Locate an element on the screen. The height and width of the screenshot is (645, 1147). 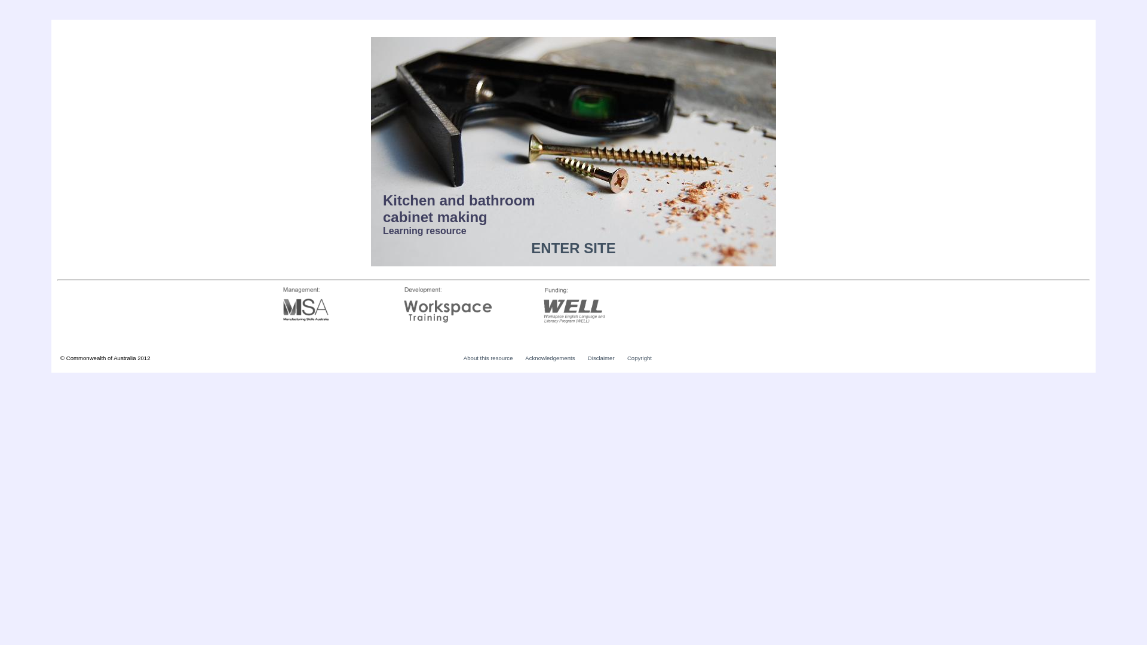
'Disclaimer' is located at coordinates (601, 357).